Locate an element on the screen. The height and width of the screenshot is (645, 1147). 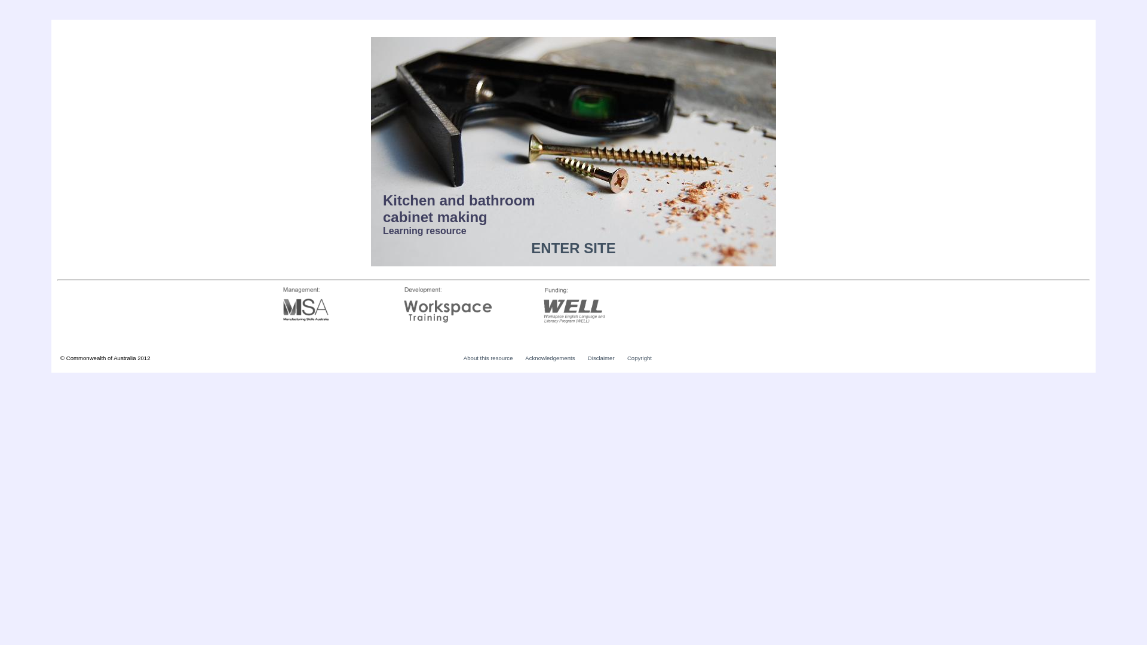
'Disclaimer' is located at coordinates (601, 357).